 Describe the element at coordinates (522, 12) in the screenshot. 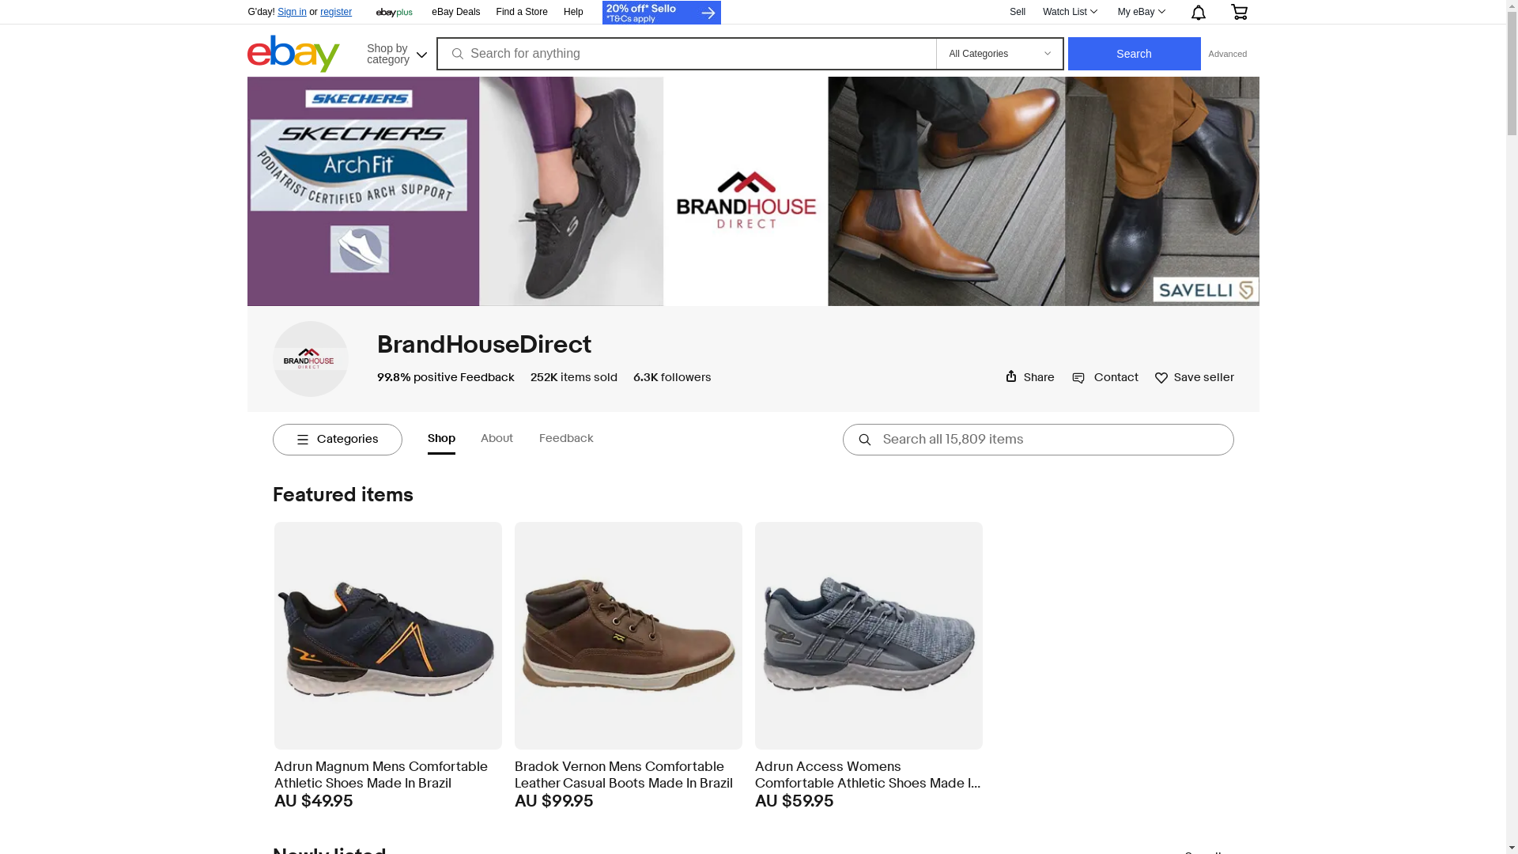

I see `'Find a Store'` at that location.